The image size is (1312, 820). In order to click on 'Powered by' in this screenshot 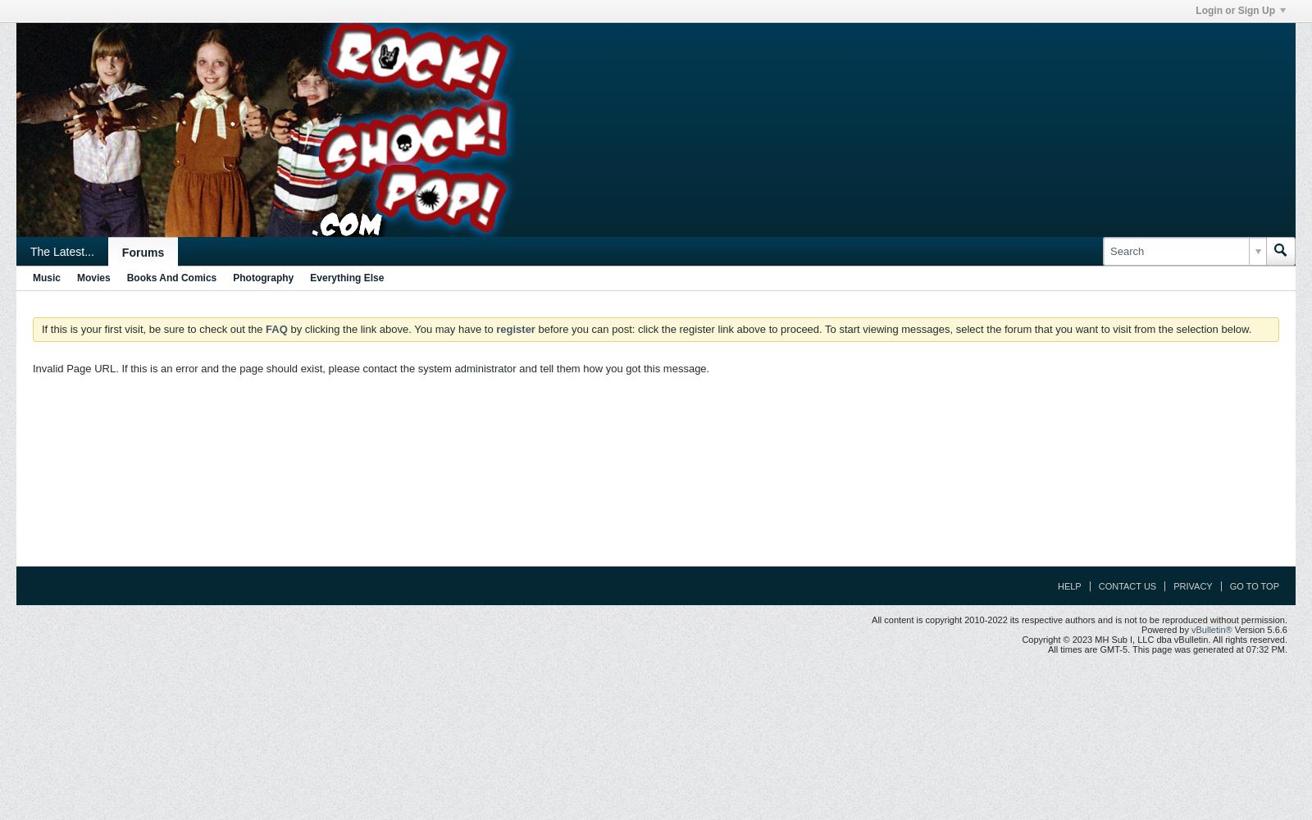, I will do `click(1140, 630)`.